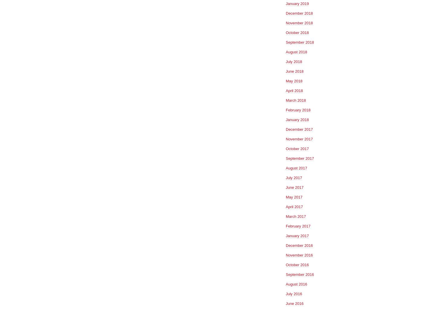  What do you see at coordinates (285, 139) in the screenshot?
I see `'November 2017'` at bounding box center [285, 139].